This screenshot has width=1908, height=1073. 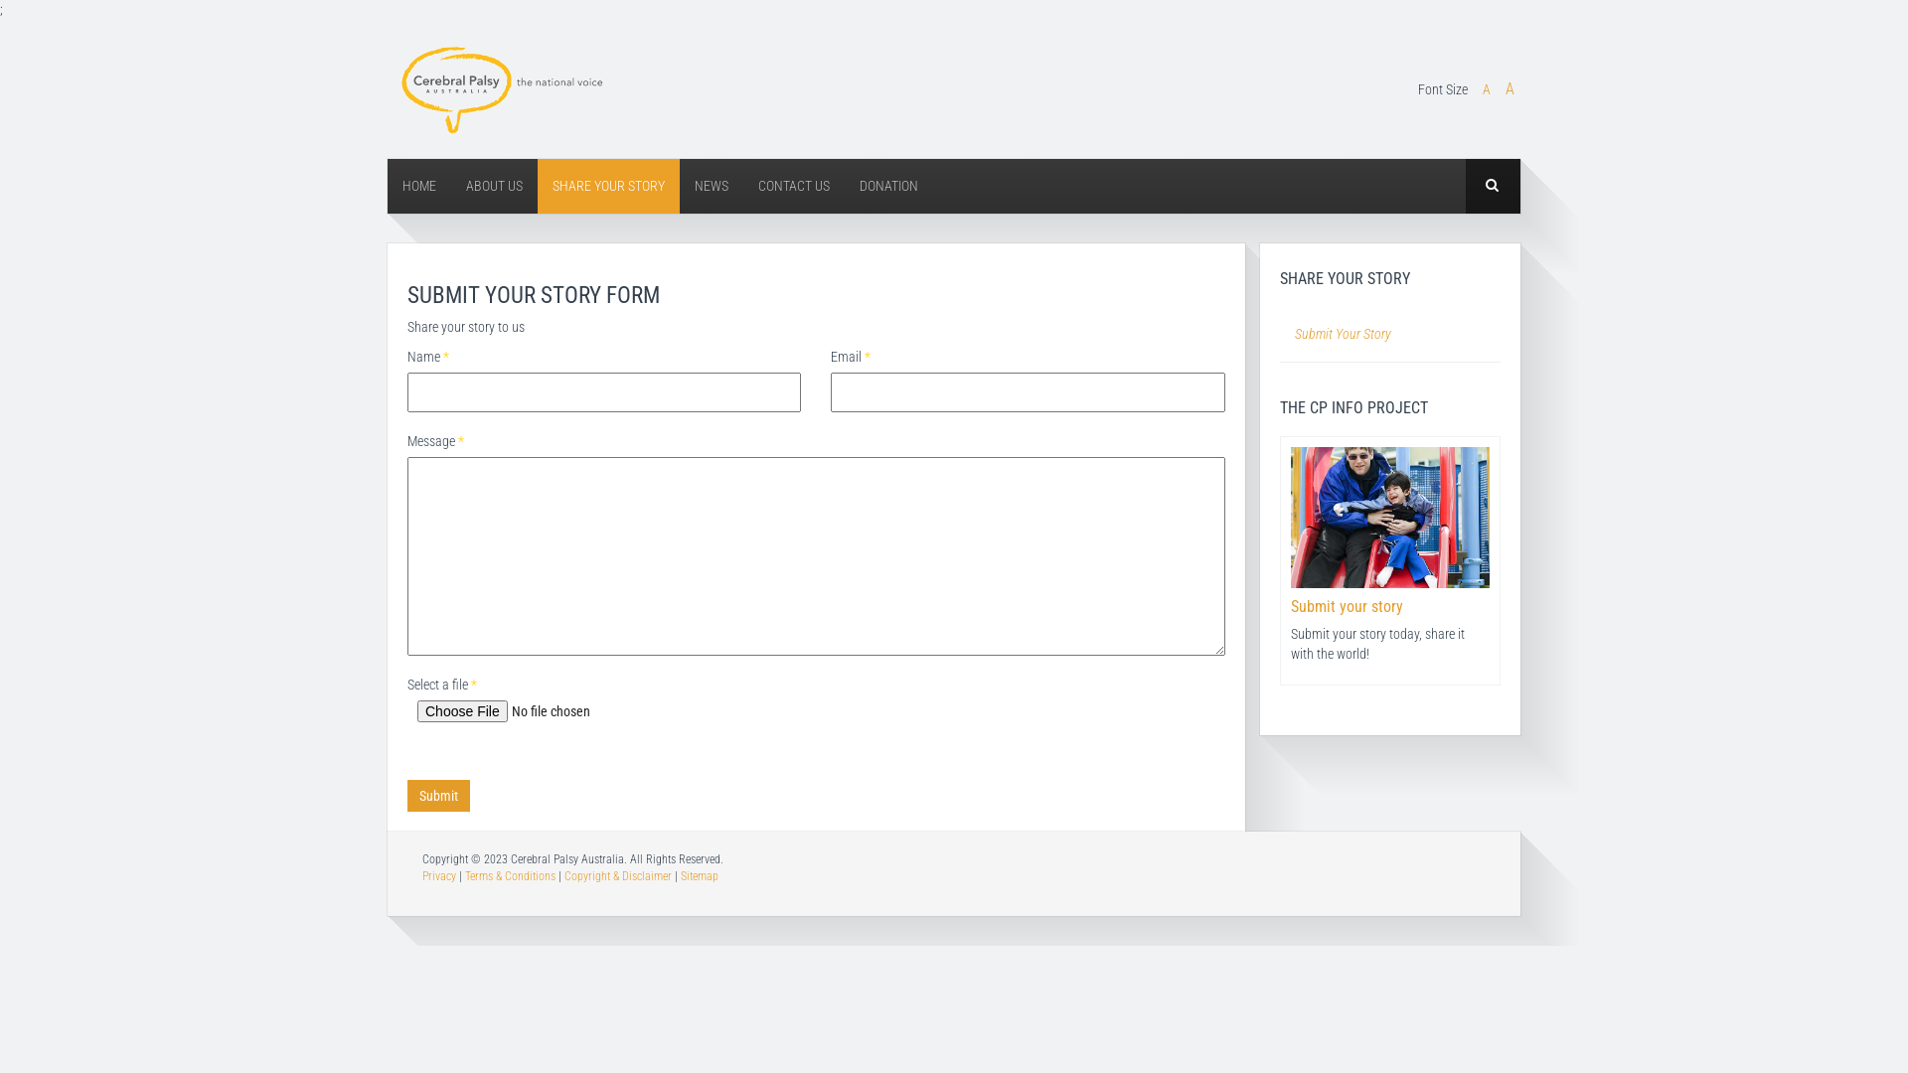 What do you see at coordinates (1289, 605) in the screenshot?
I see `'Submit your story'` at bounding box center [1289, 605].